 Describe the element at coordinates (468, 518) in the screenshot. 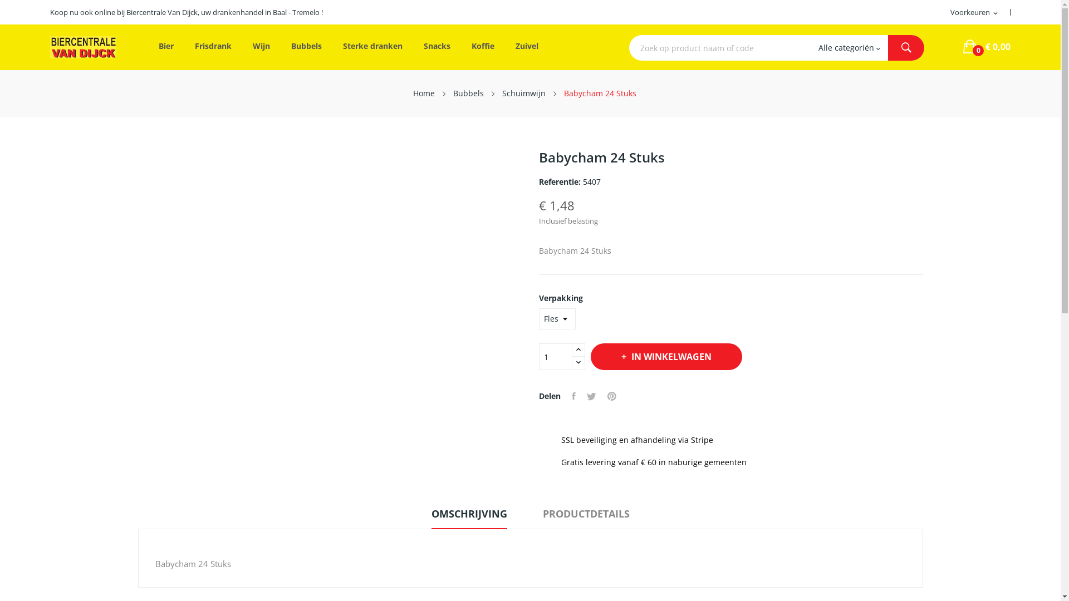

I see `'OMSCHRIJVING'` at that location.